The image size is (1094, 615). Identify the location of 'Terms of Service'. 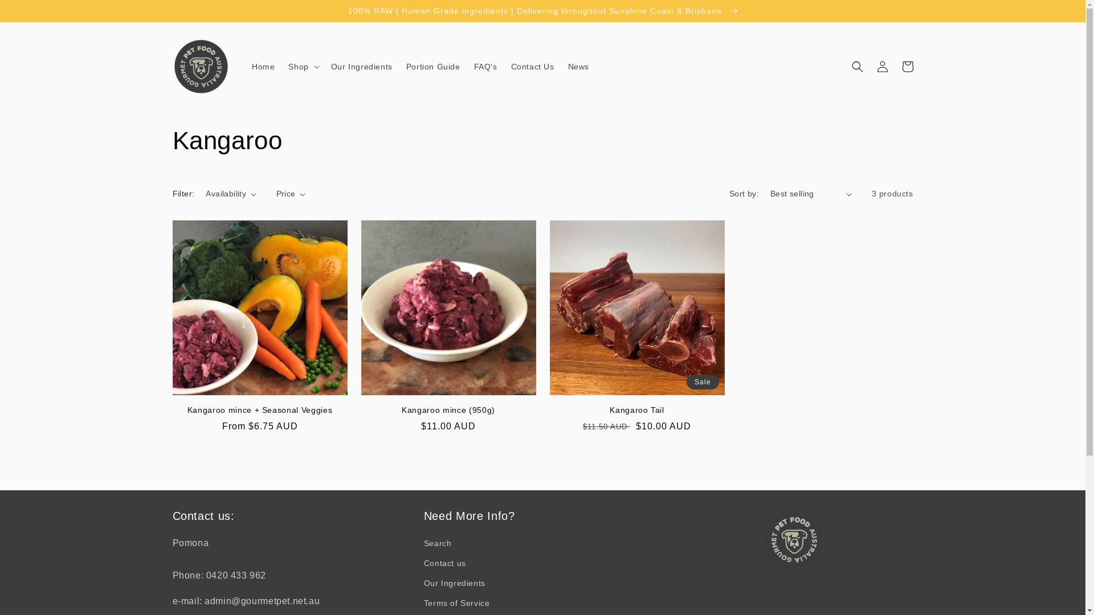
(456, 602).